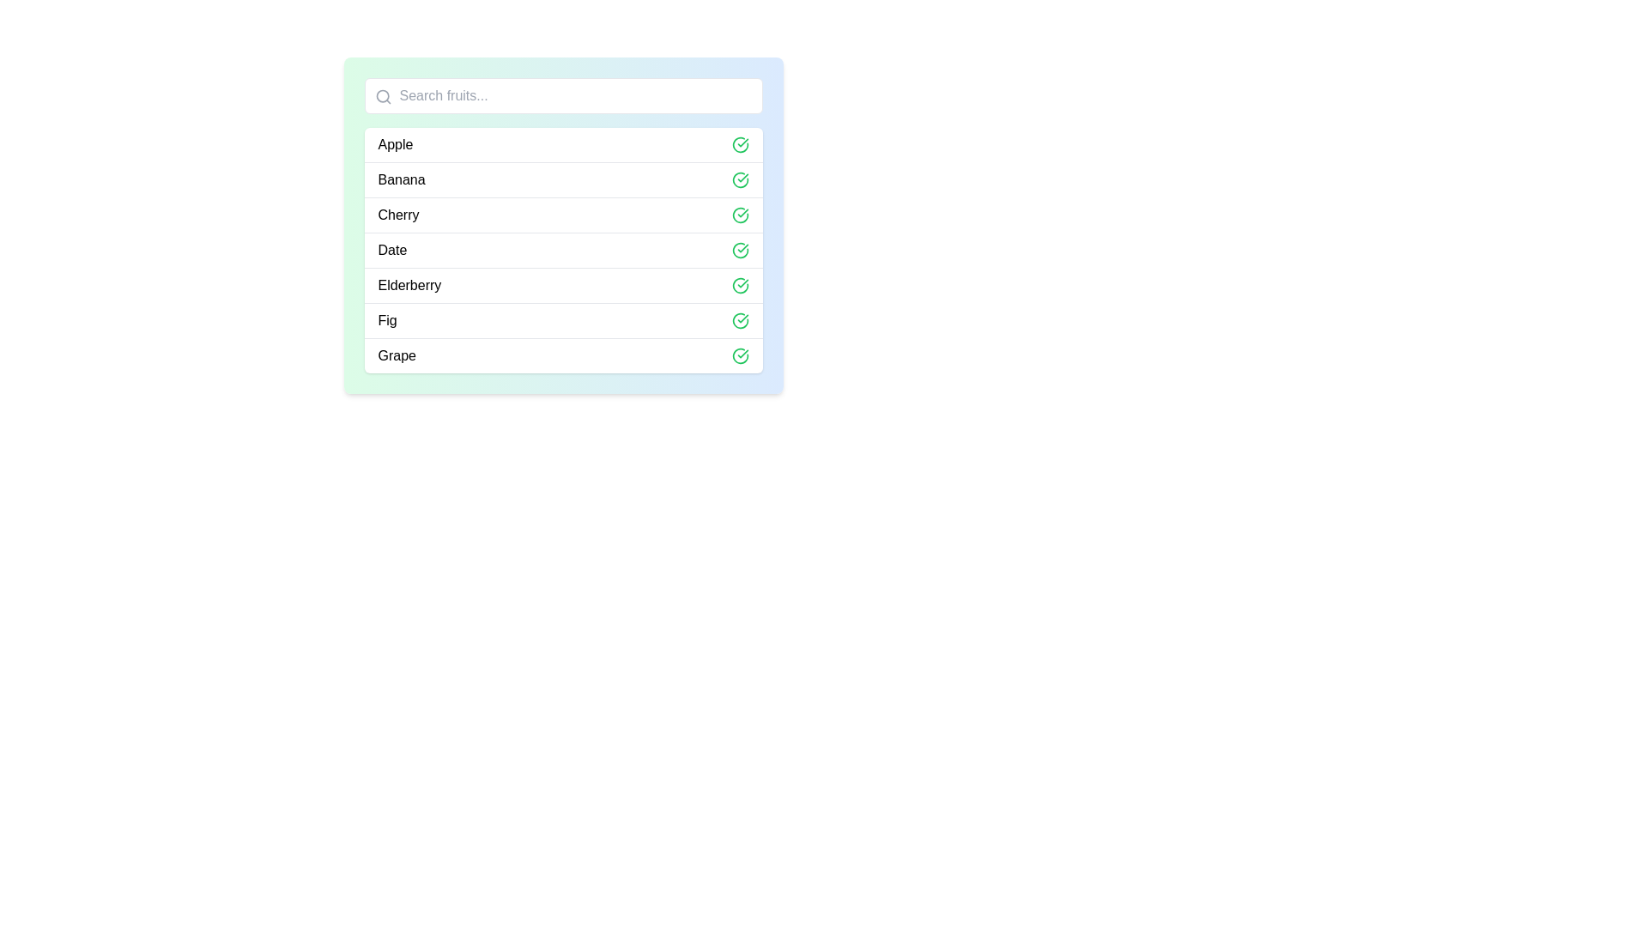 The height and width of the screenshot is (927, 1648). I want to click on the list item labeled 'Cherry', which is the third item in a vertically-aligned list under a search bar, so click(563, 224).